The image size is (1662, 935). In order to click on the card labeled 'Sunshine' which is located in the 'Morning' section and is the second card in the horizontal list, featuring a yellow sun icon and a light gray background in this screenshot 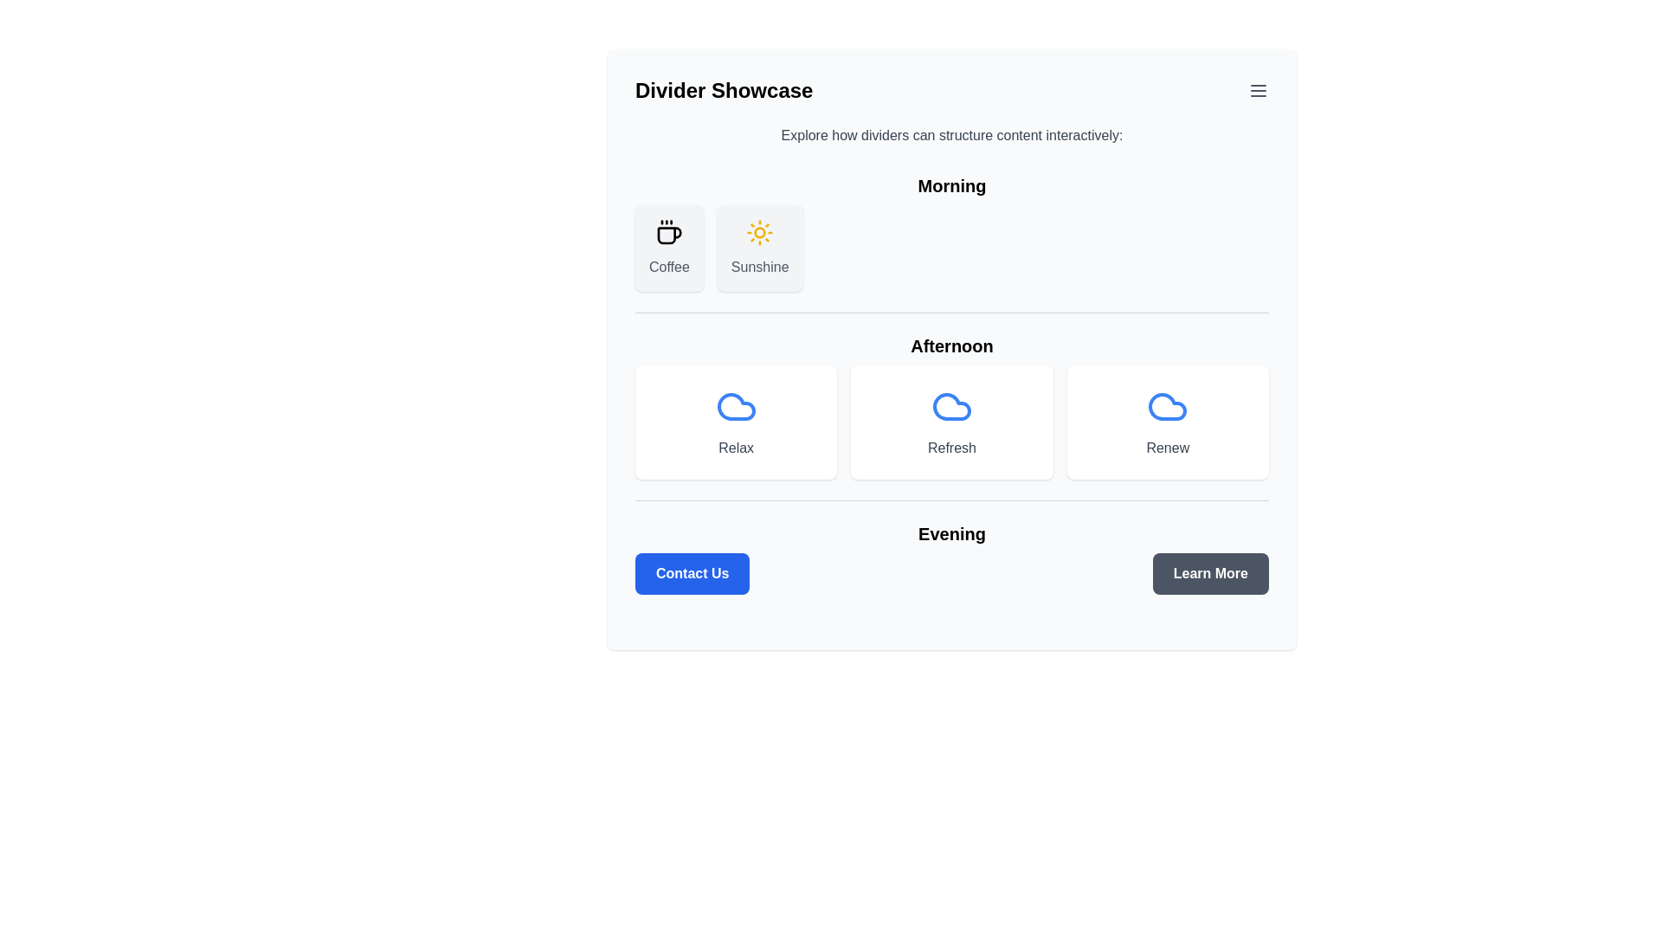, I will do `click(760, 248)`.